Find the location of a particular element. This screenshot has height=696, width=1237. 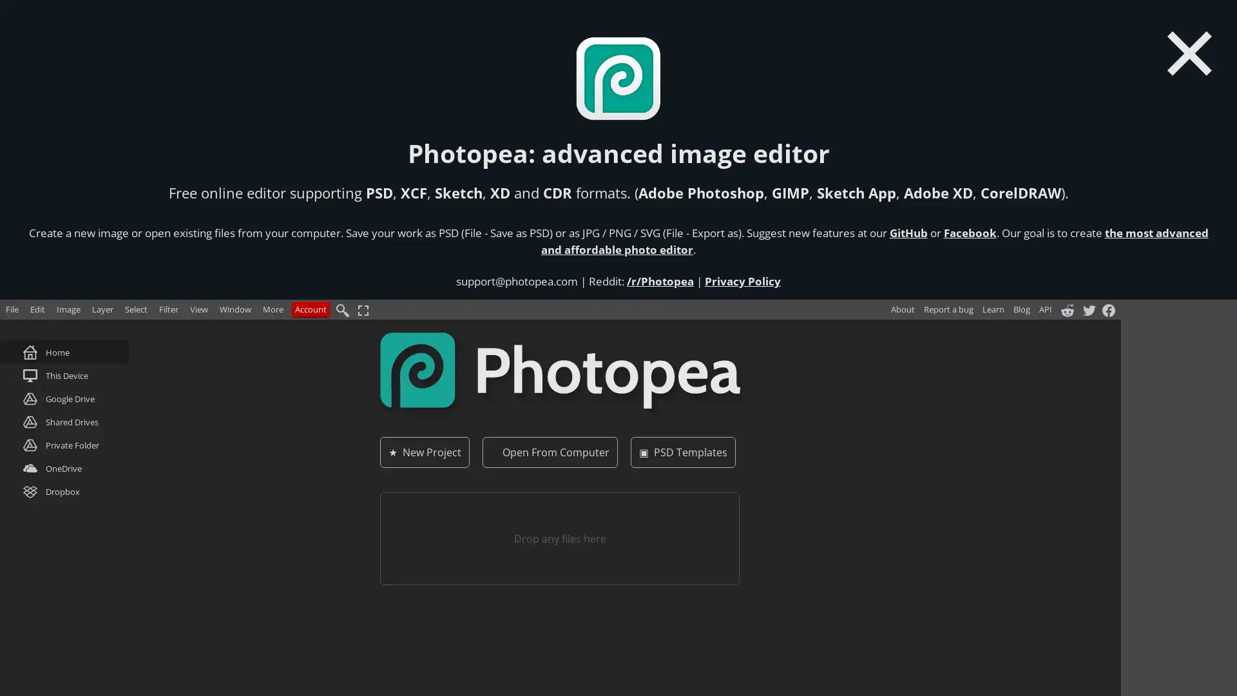

File is located at coordinates (12, 10).